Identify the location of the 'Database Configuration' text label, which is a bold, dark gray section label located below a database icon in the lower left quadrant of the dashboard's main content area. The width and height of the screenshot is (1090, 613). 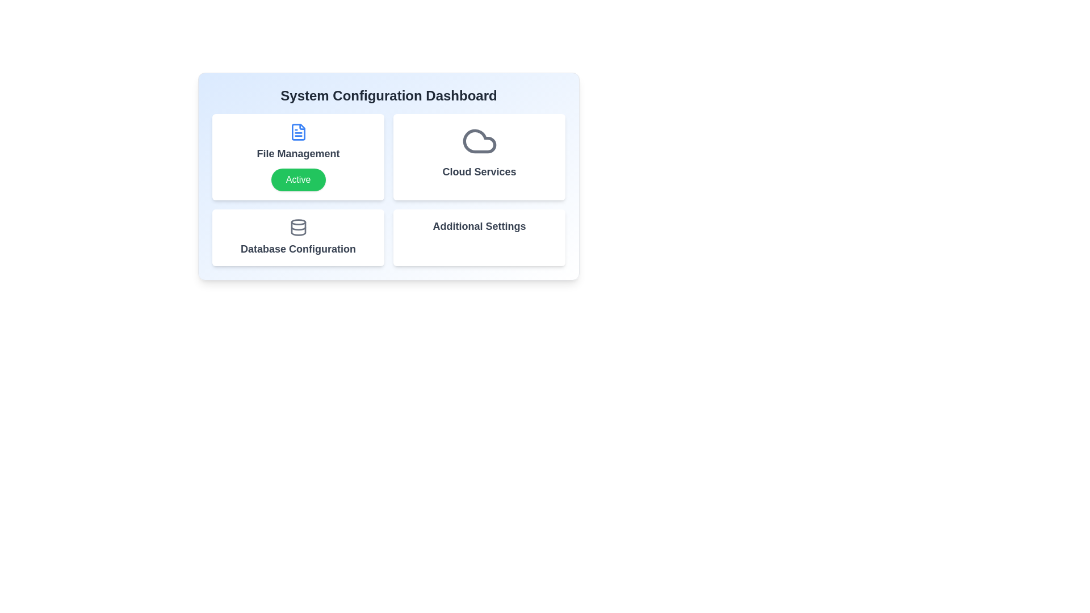
(298, 249).